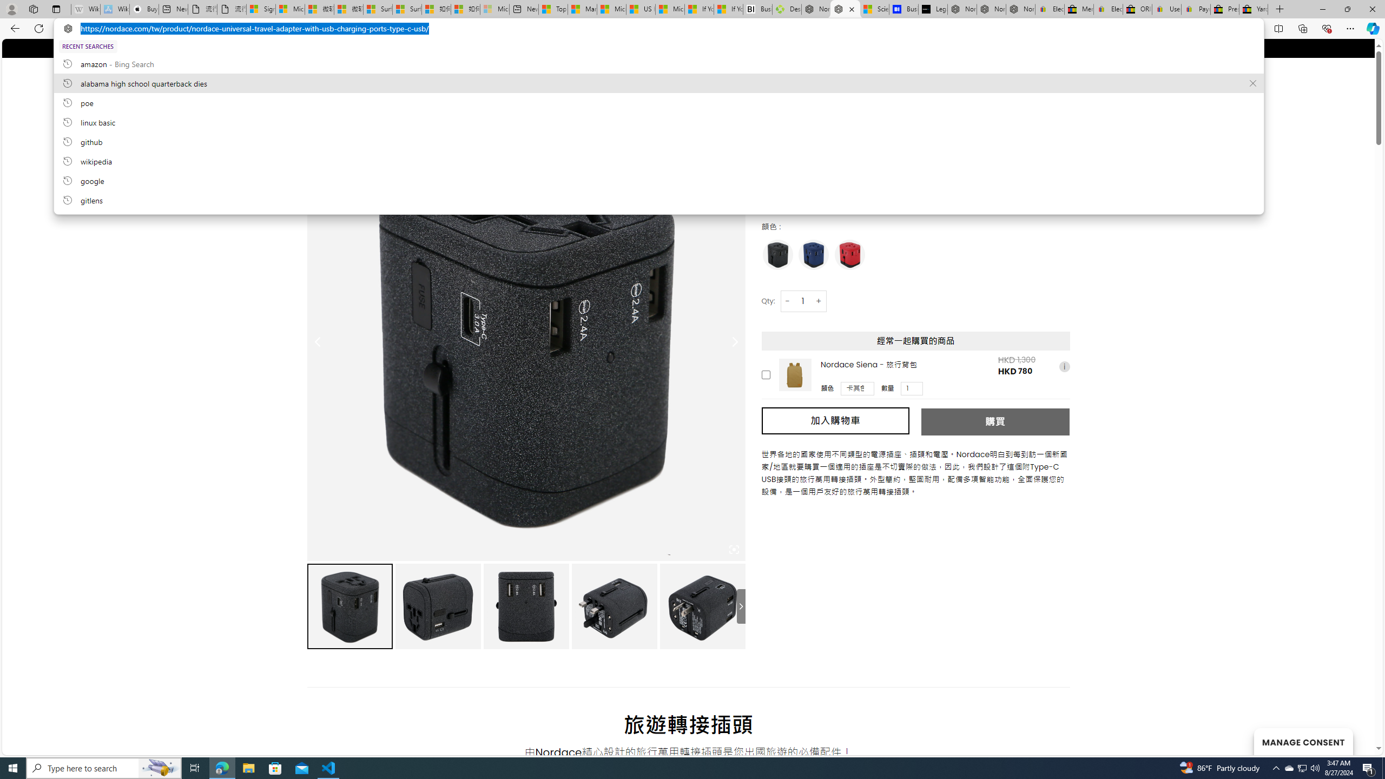  I want to click on 'Press Room - eBay Inc.', so click(1224, 9).